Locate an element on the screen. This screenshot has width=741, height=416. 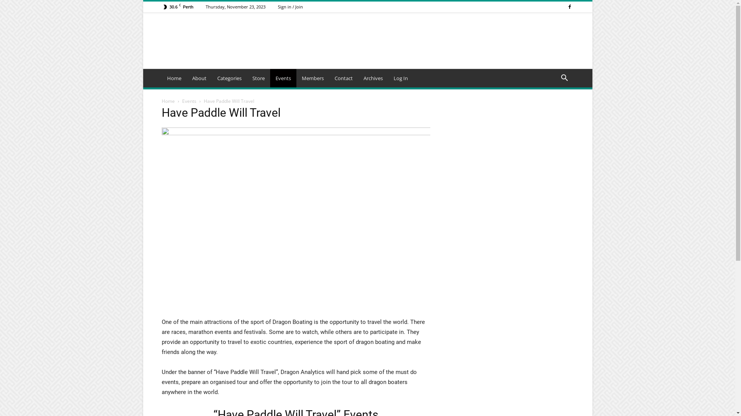
'About' is located at coordinates (187, 78).